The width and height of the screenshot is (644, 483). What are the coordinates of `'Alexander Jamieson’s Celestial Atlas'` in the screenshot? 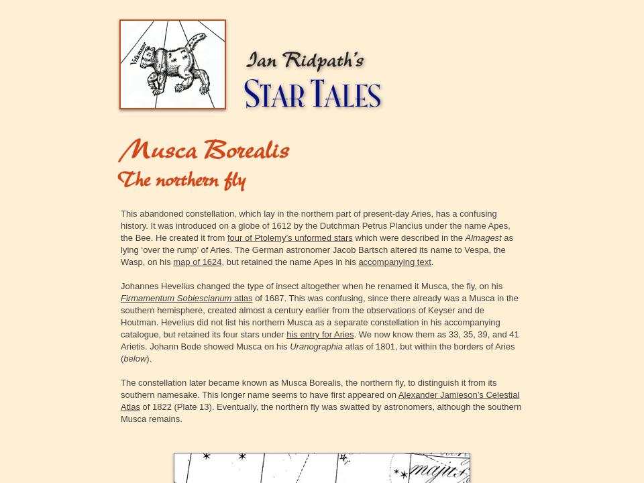 It's located at (320, 400).